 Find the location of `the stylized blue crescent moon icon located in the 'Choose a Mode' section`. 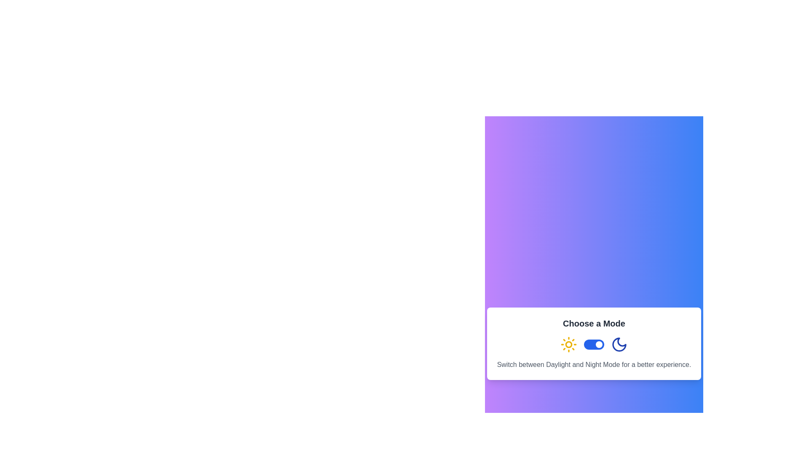

the stylized blue crescent moon icon located in the 'Choose a Mode' section is located at coordinates (619, 344).